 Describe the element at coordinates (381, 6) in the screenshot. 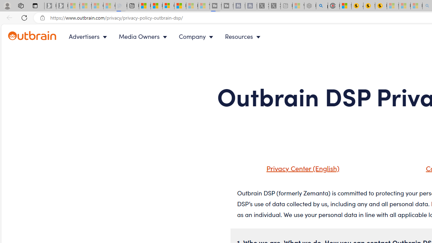

I see `'Michelle Starr, Senior Journalist at ScienceAlert'` at that location.